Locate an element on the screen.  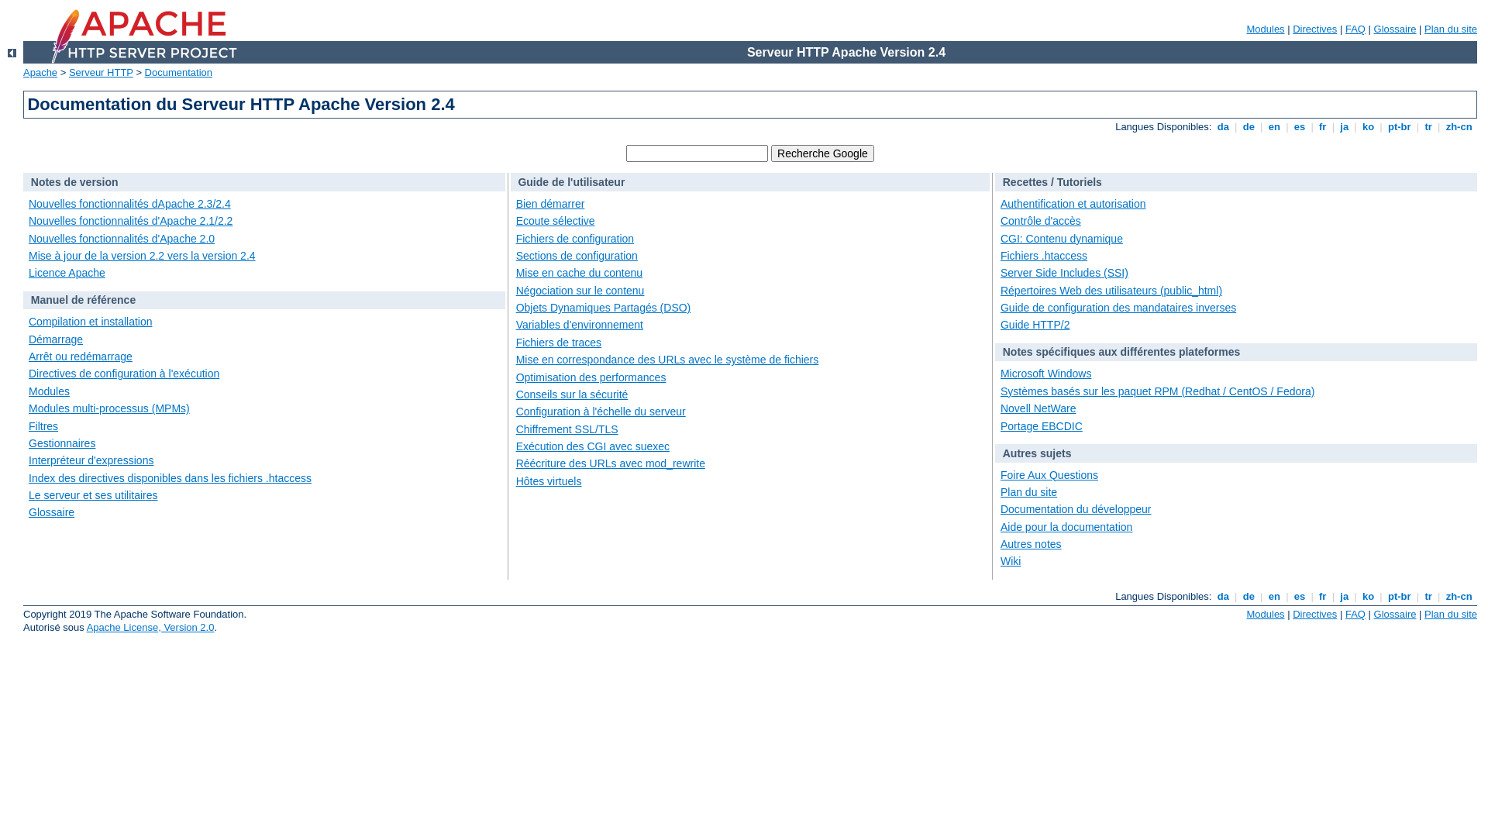
'Authentification et autorisation' is located at coordinates (1073, 202).